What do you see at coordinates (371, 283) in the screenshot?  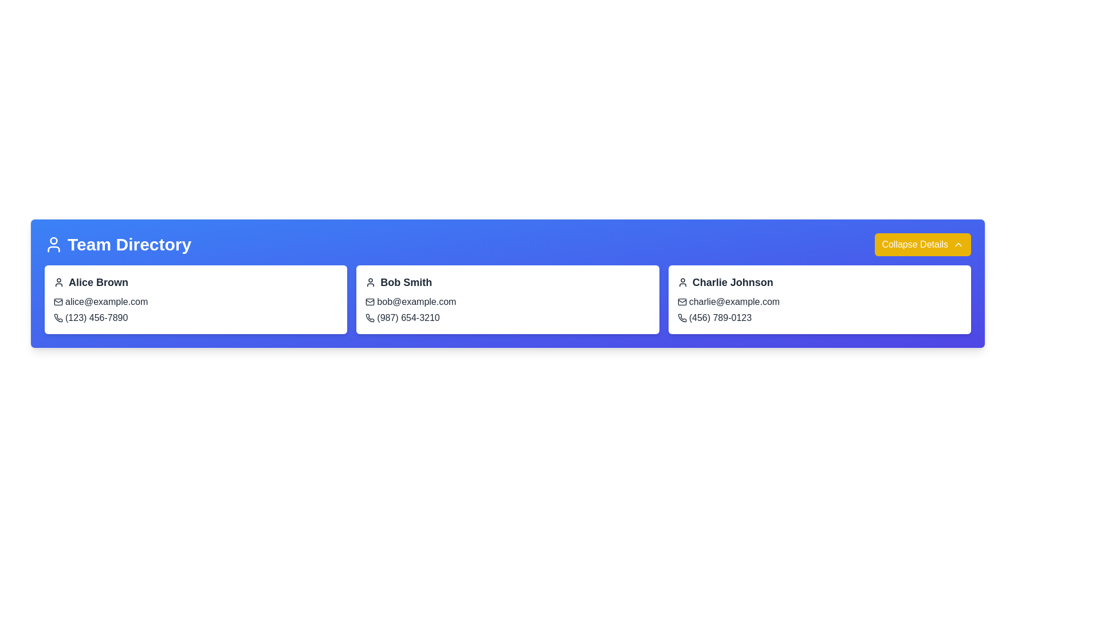 I see `the user silhouette icon to the left of 'Bob Smith' in the middle card of the directory` at bounding box center [371, 283].